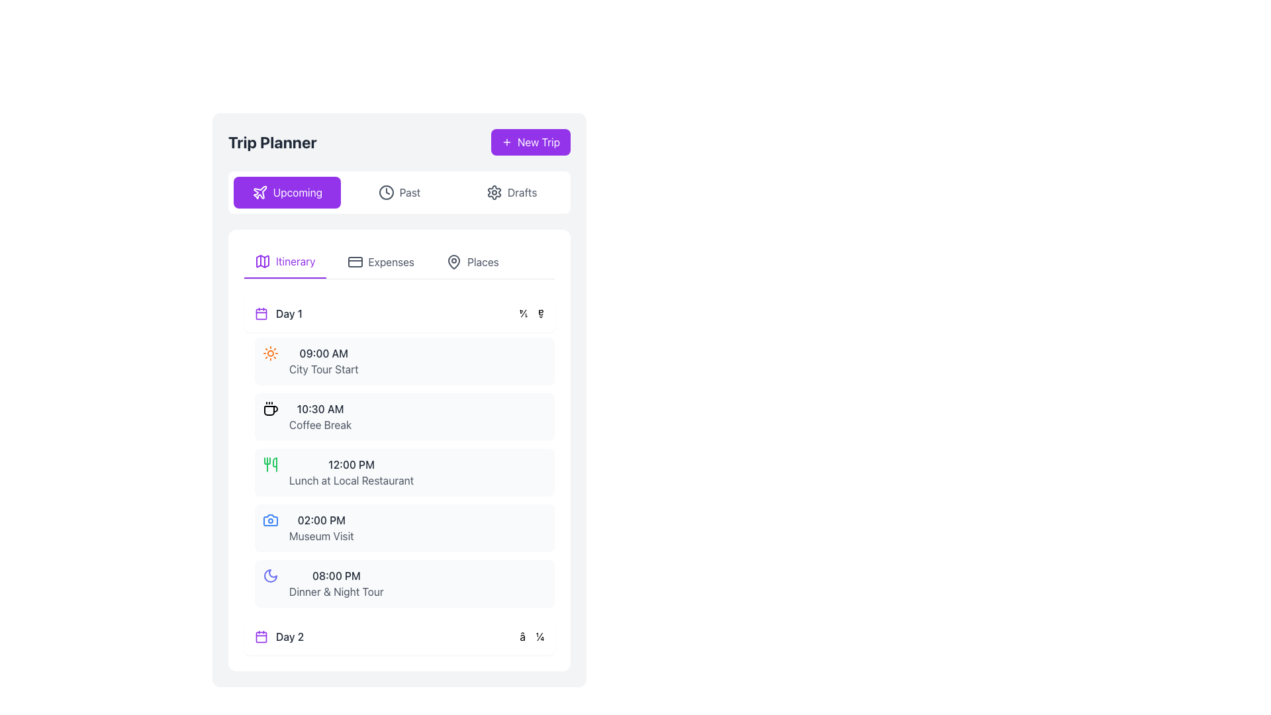  Describe the element at coordinates (493, 192) in the screenshot. I see `the settings icon represented as an SVG graphical component in the top-right corner of the application interface` at that location.